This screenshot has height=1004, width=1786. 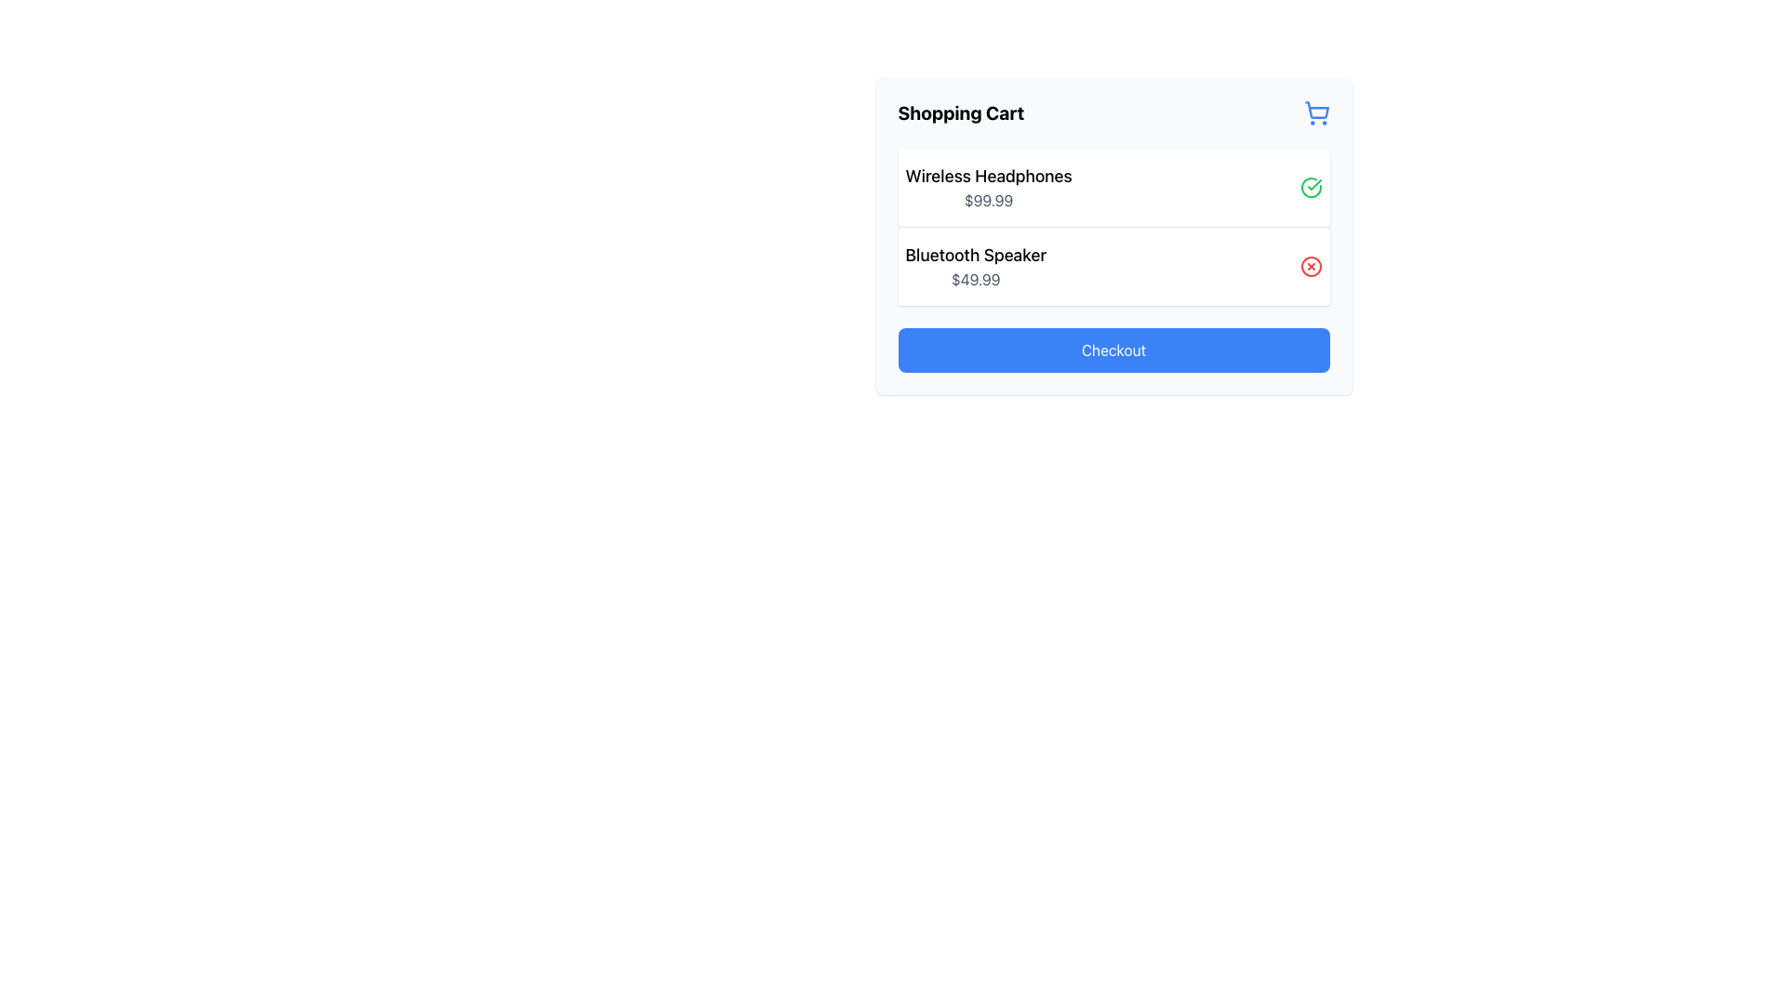 What do you see at coordinates (988, 187) in the screenshot?
I see `the text element that provides information about the product in the cart, positioned above 'Bluetooth Speaker'` at bounding box center [988, 187].